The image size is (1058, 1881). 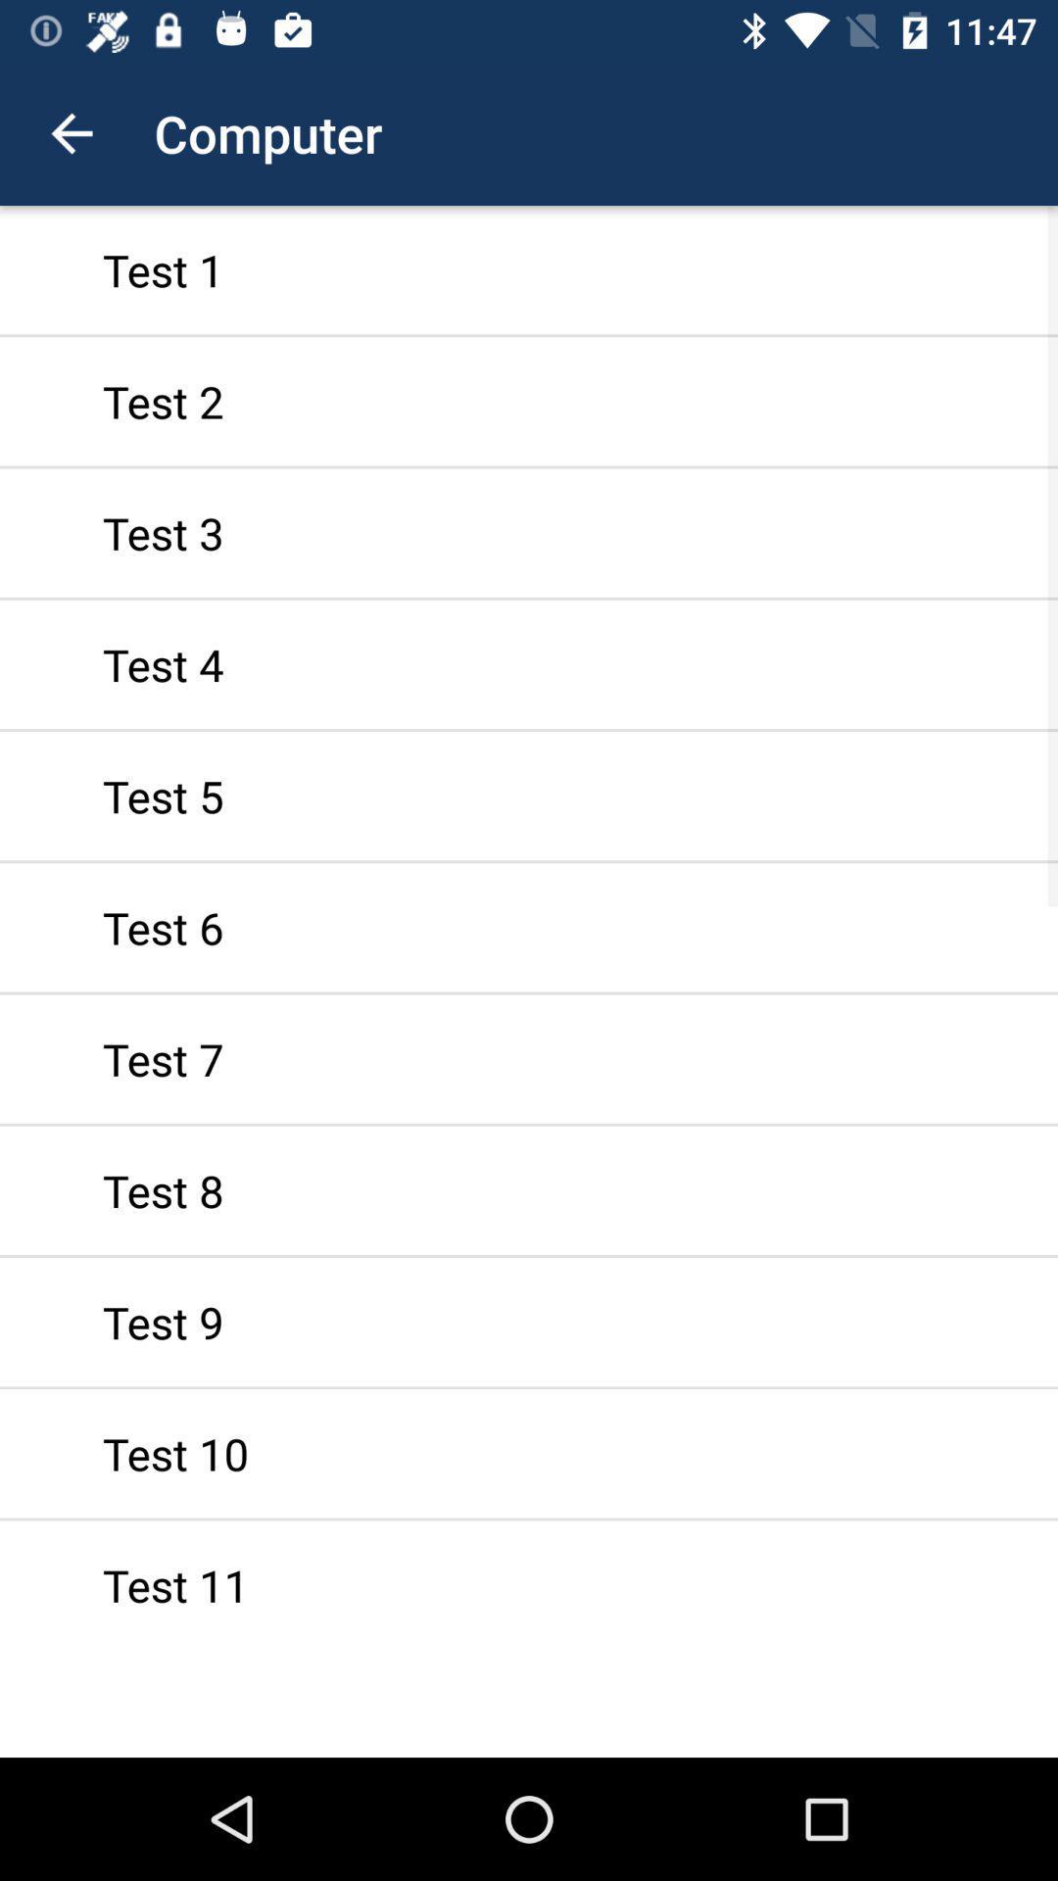 What do you see at coordinates (529, 400) in the screenshot?
I see `test 2 icon` at bounding box center [529, 400].